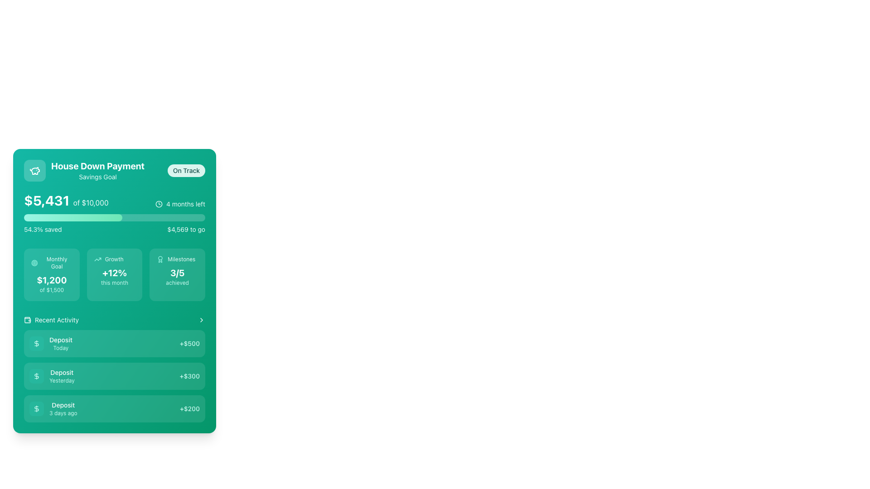 This screenshot has width=870, height=489. Describe the element at coordinates (114, 218) in the screenshot. I see `the progress bar that visually represents progress towards a financial goal, positioned below the text '$5,431 of $10,000' and above the indicators '54.3% saved' and '$4,569 to go'` at that location.